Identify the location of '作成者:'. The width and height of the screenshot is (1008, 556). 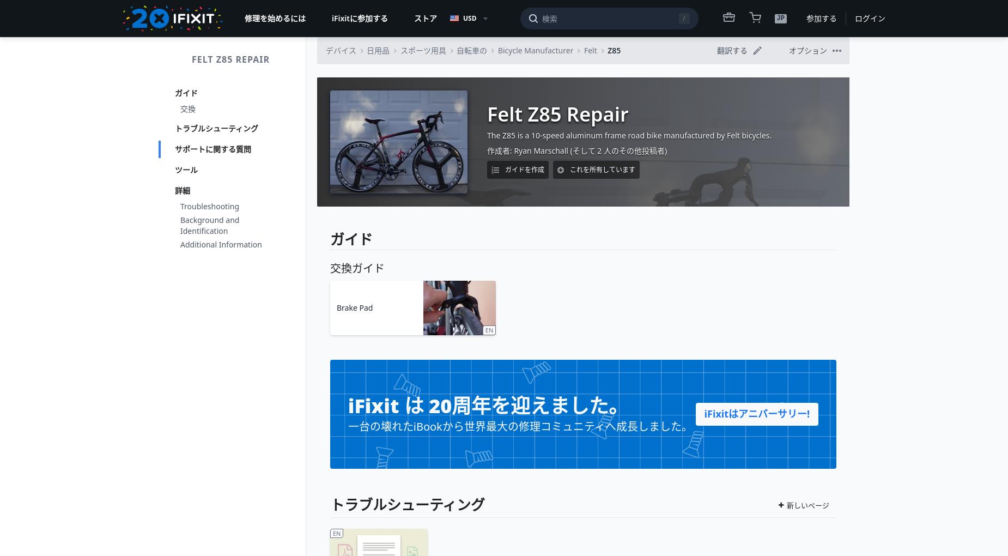
(500, 150).